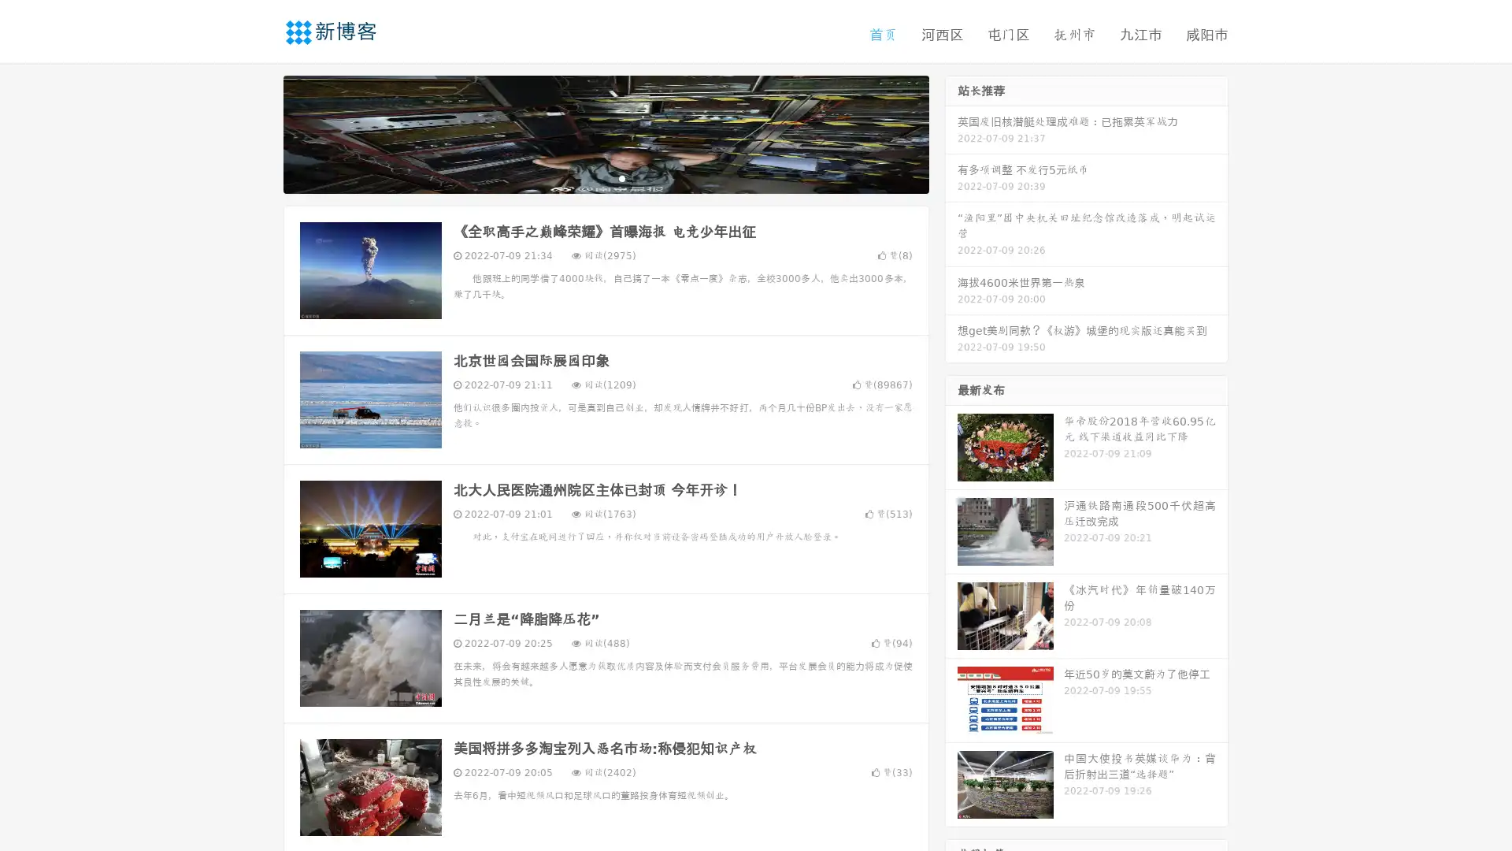 This screenshot has width=1512, height=851. I want to click on Go to slide 3, so click(621, 177).